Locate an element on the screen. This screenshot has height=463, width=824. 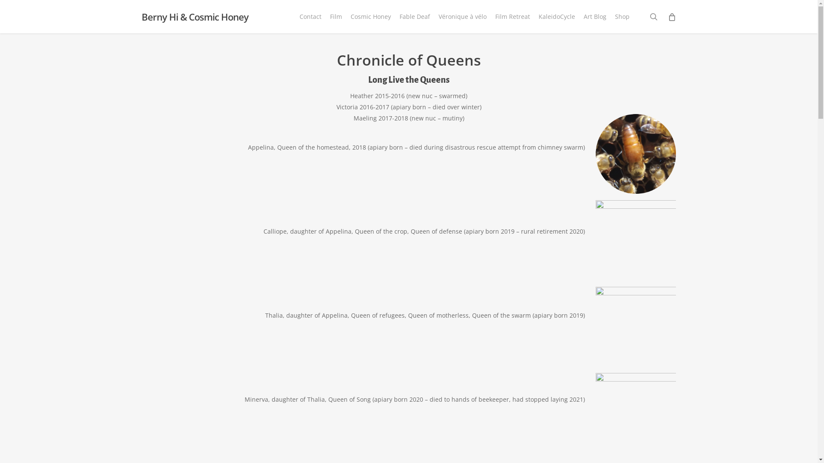
'Film' is located at coordinates (335, 16).